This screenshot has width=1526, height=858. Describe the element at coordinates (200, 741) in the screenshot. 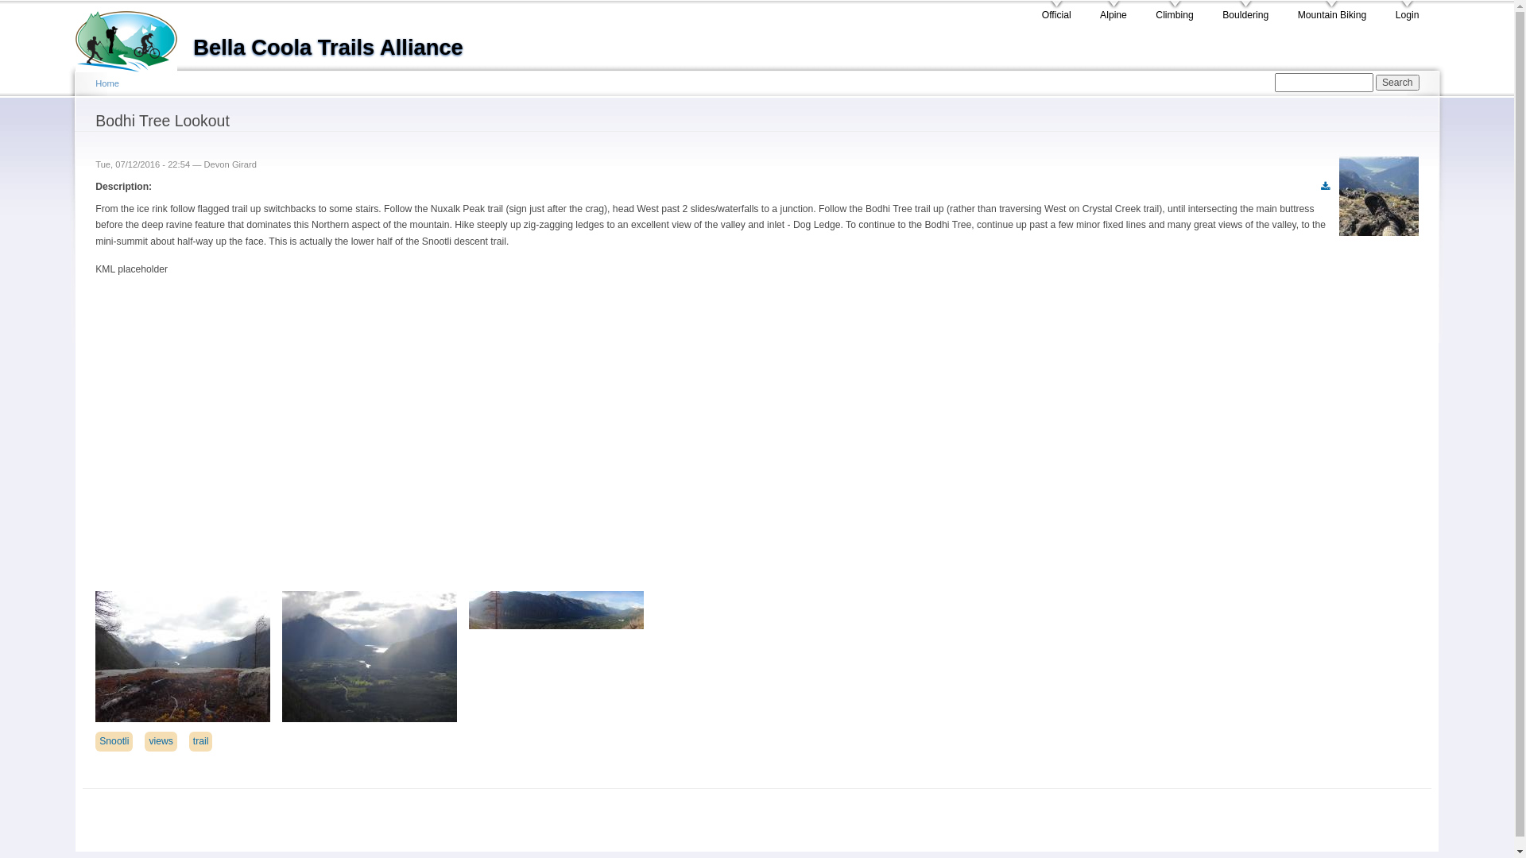

I see `'trail'` at that location.